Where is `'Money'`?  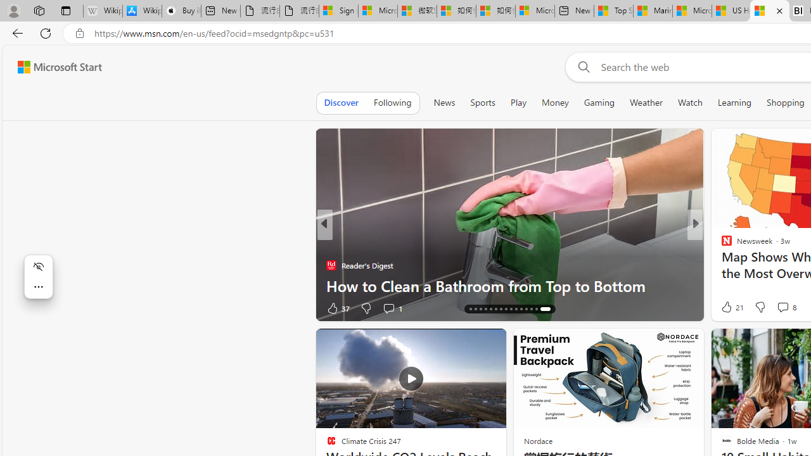
'Money' is located at coordinates (555, 102).